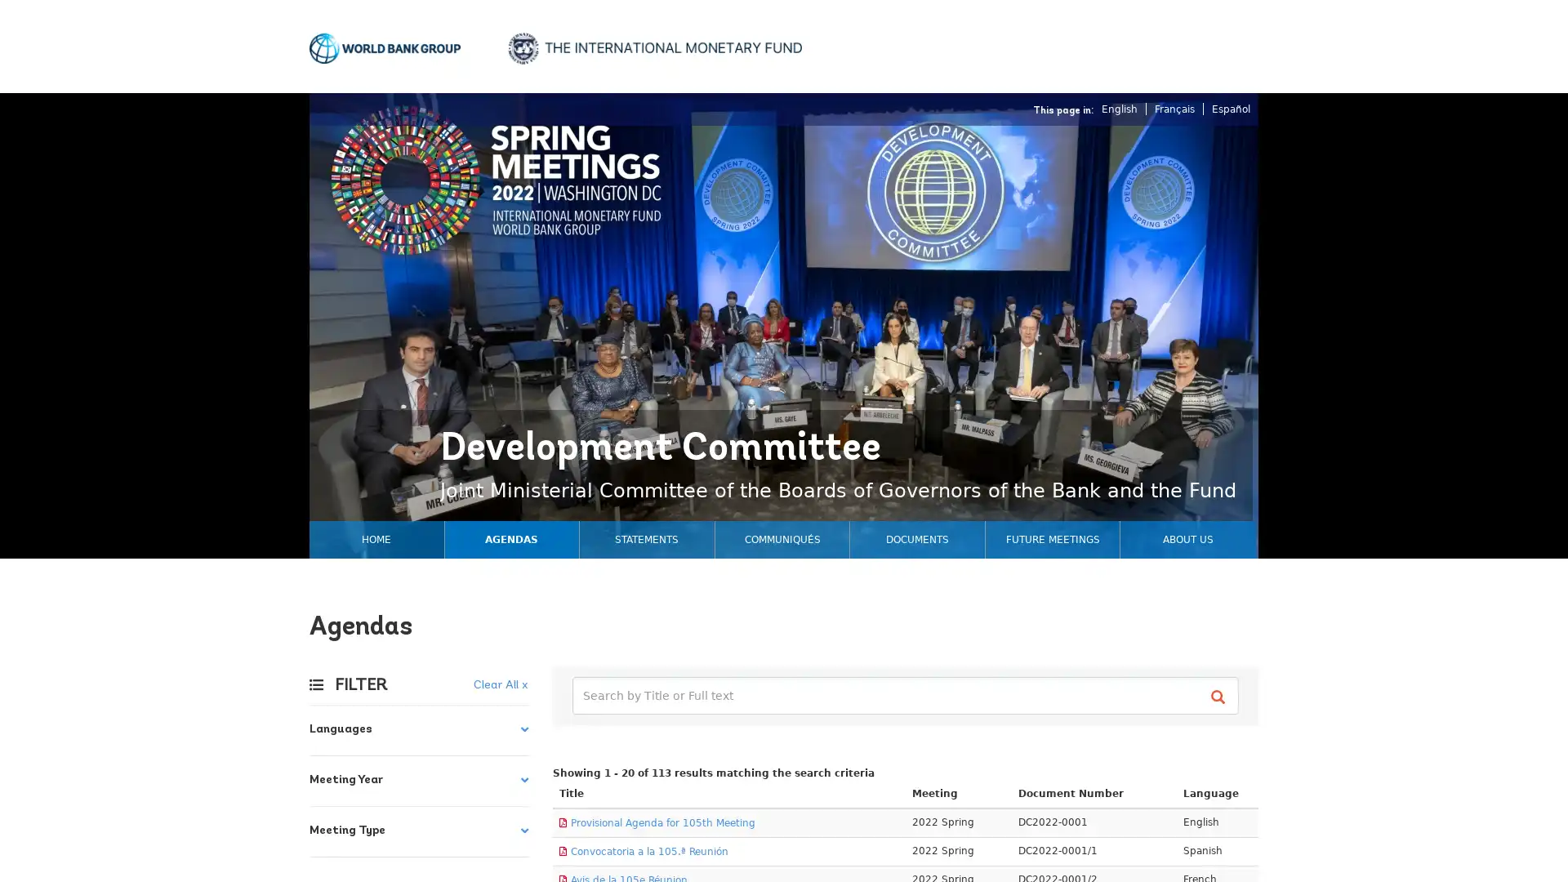 Image resolution: width=1568 pixels, height=882 pixels. What do you see at coordinates (419, 780) in the screenshot?
I see `Meeting Year` at bounding box center [419, 780].